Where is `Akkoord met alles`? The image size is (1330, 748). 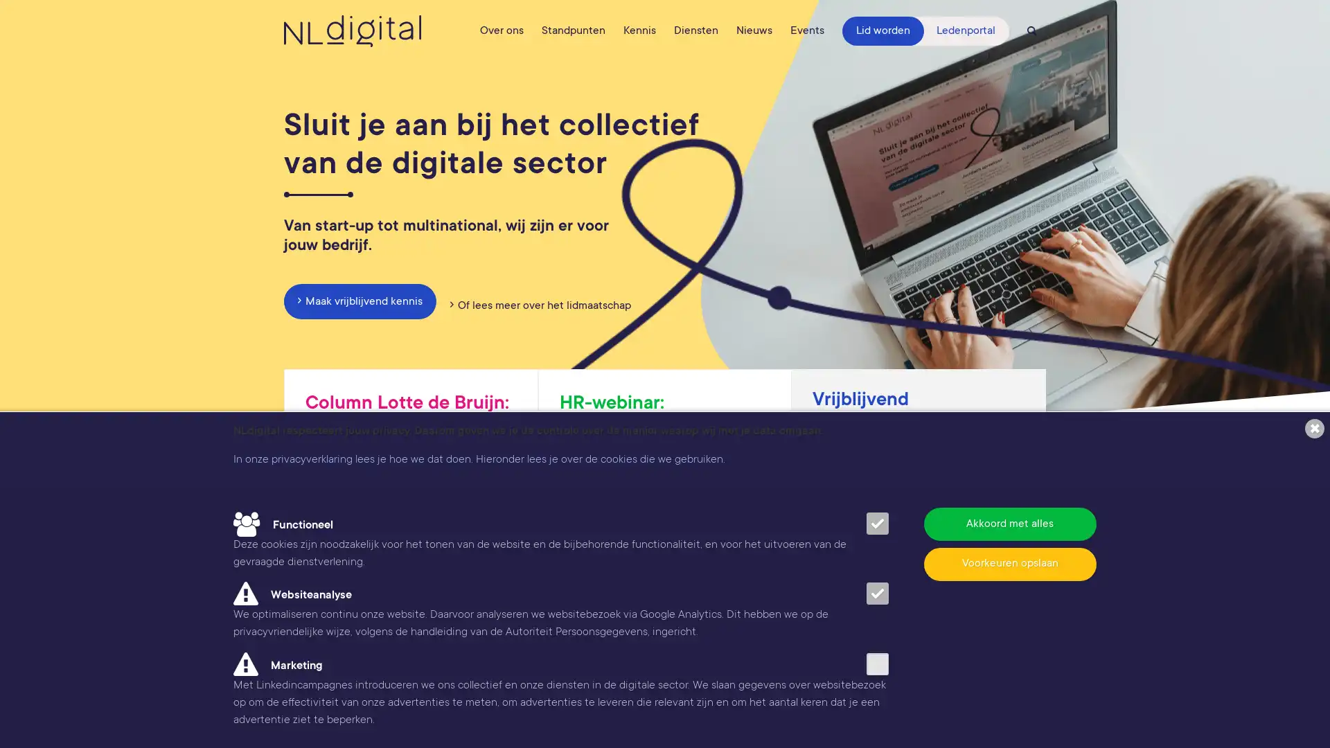 Akkoord met alles is located at coordinates (1010, 524).